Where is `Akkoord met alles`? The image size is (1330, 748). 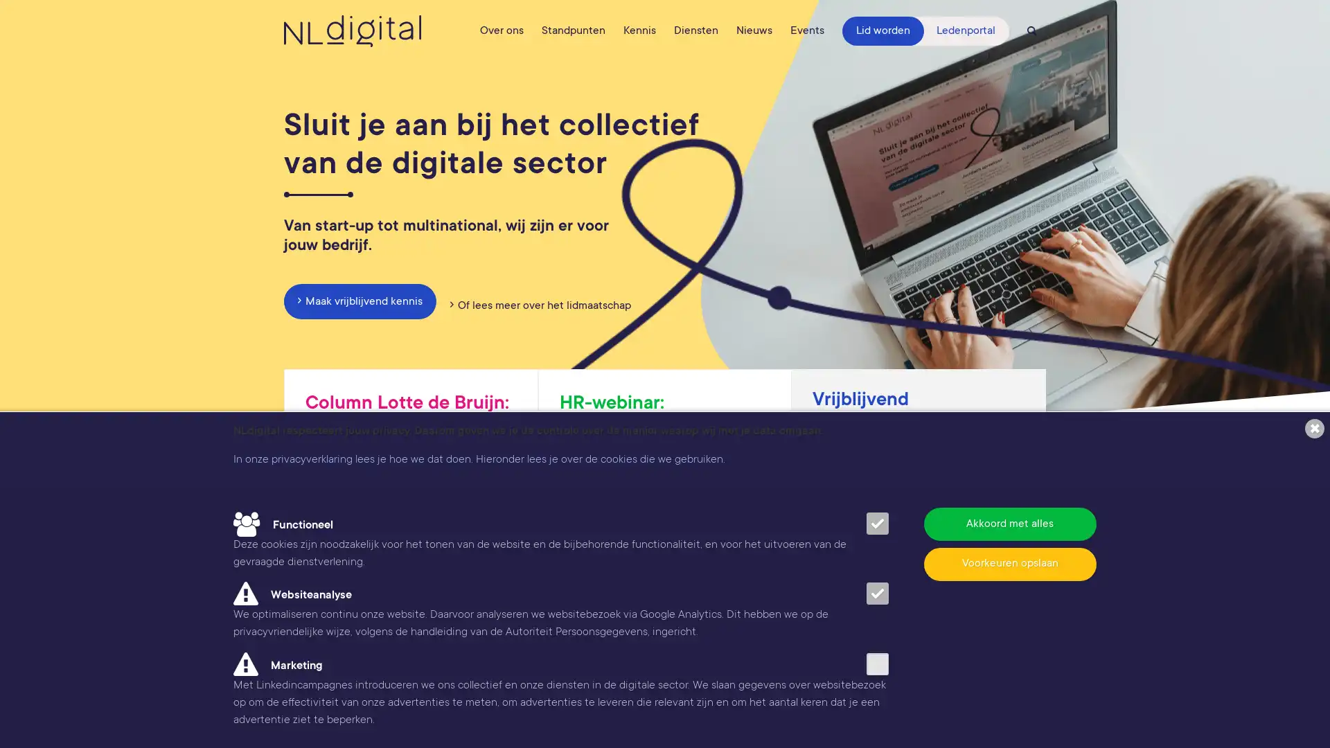 Akkoord met alles is located at coordinates (1010, 524).